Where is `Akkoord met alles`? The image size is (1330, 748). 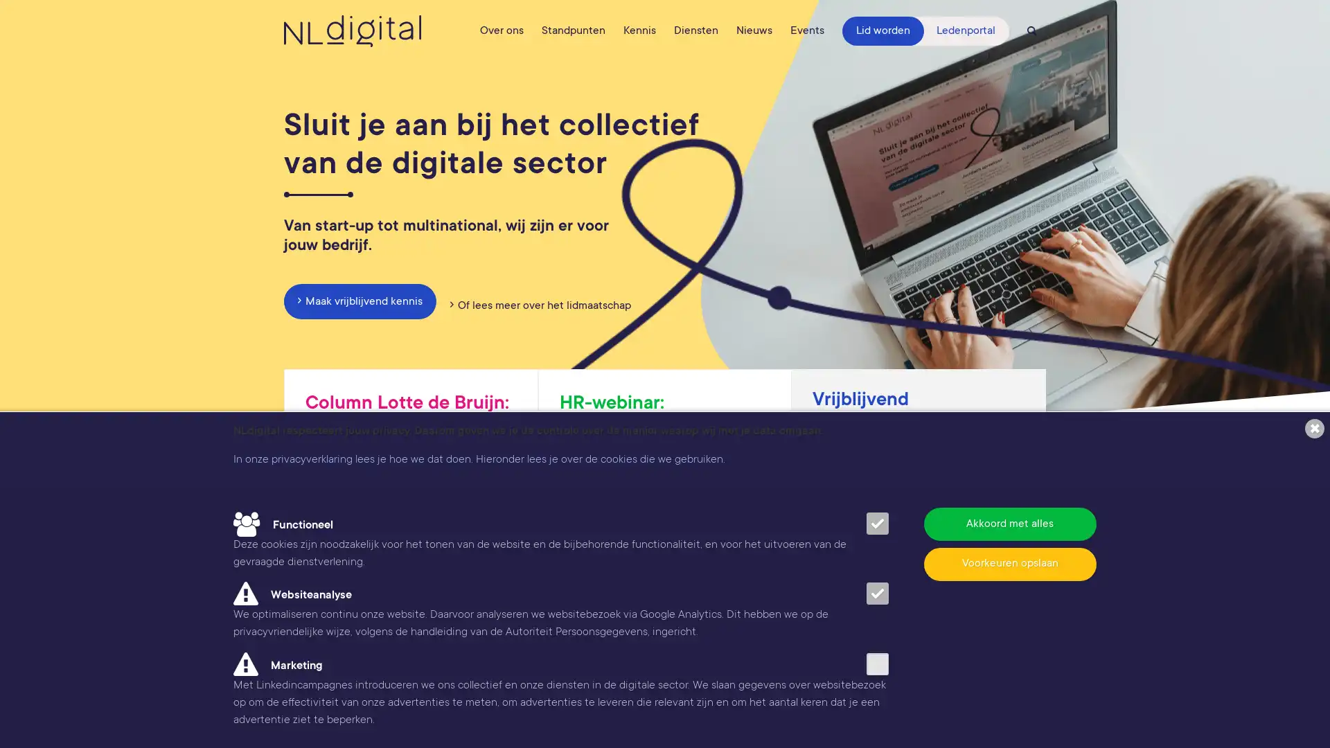 Akkoord met alles is located at coordinates (1010, 524).